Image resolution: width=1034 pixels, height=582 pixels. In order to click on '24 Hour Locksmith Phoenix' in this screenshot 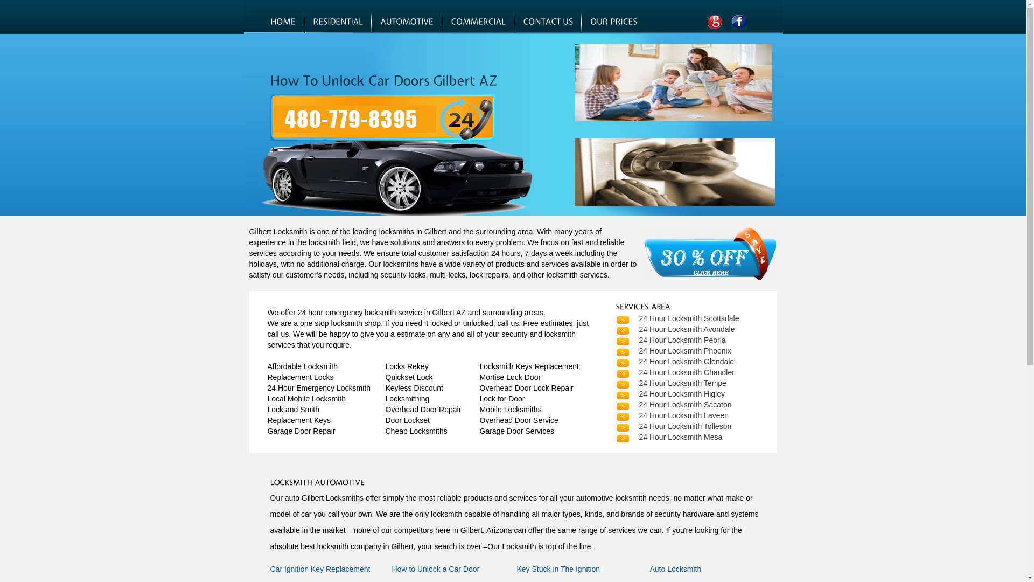, I will do `click(671, 351)`.